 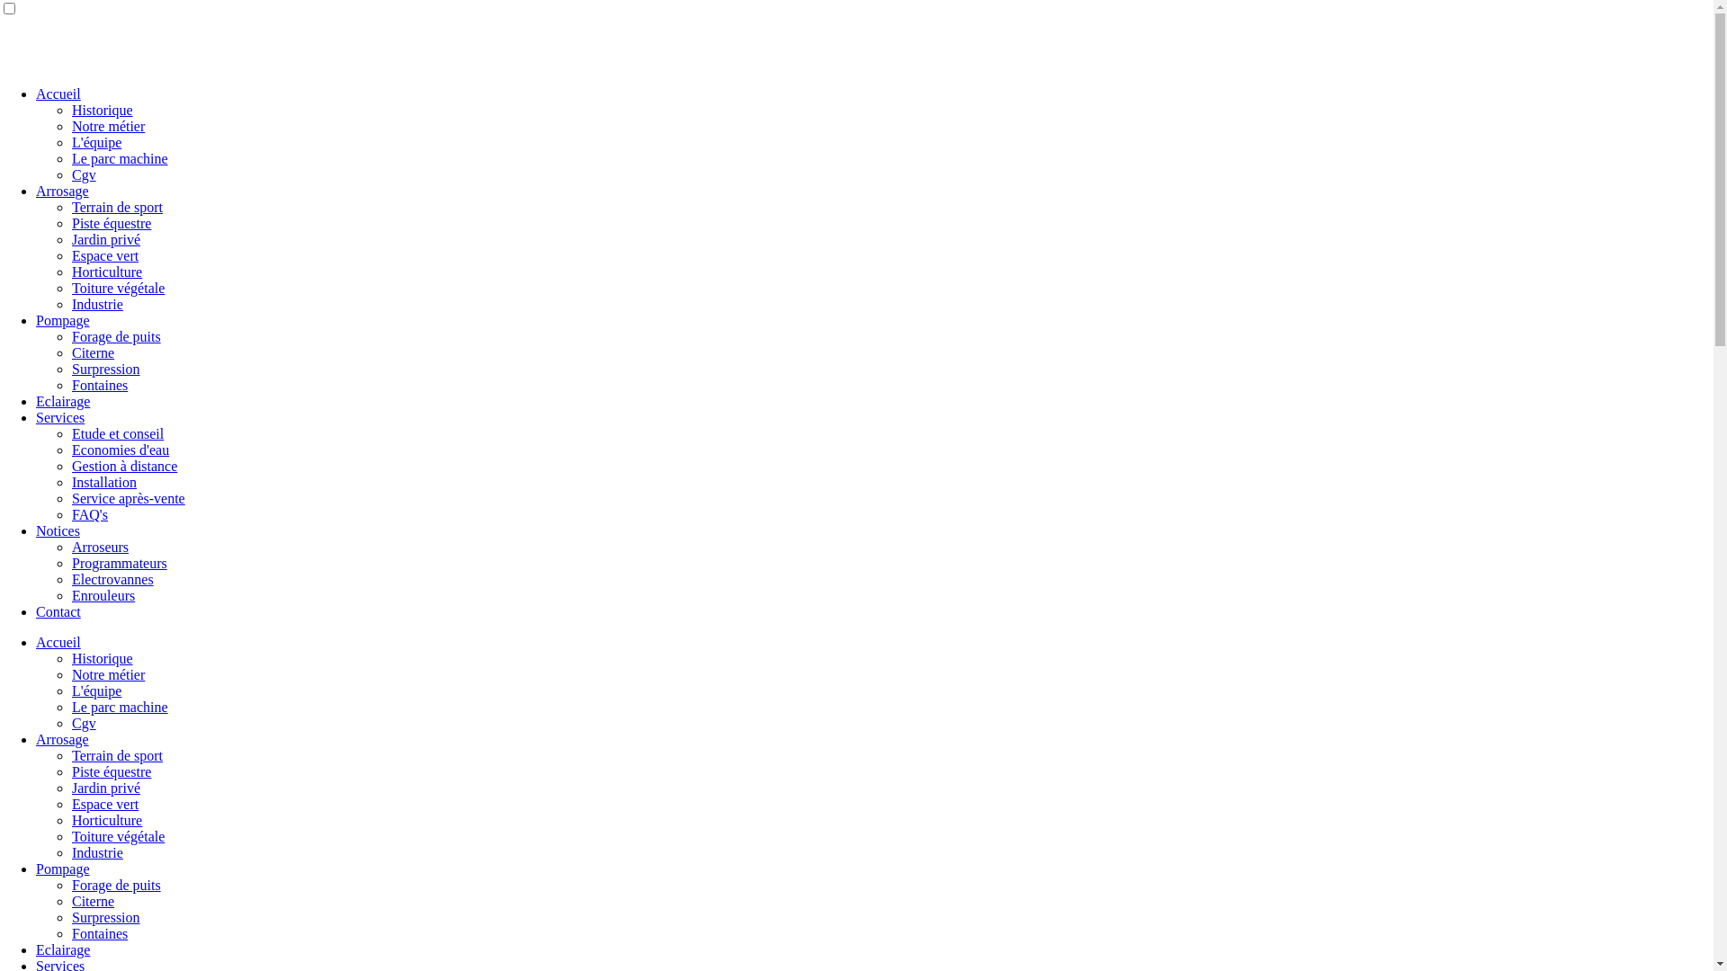 What do you see at coordinates (119, 706) in the screenshot?
I see `'Le parc machine'` at bounding box center [119, 706].